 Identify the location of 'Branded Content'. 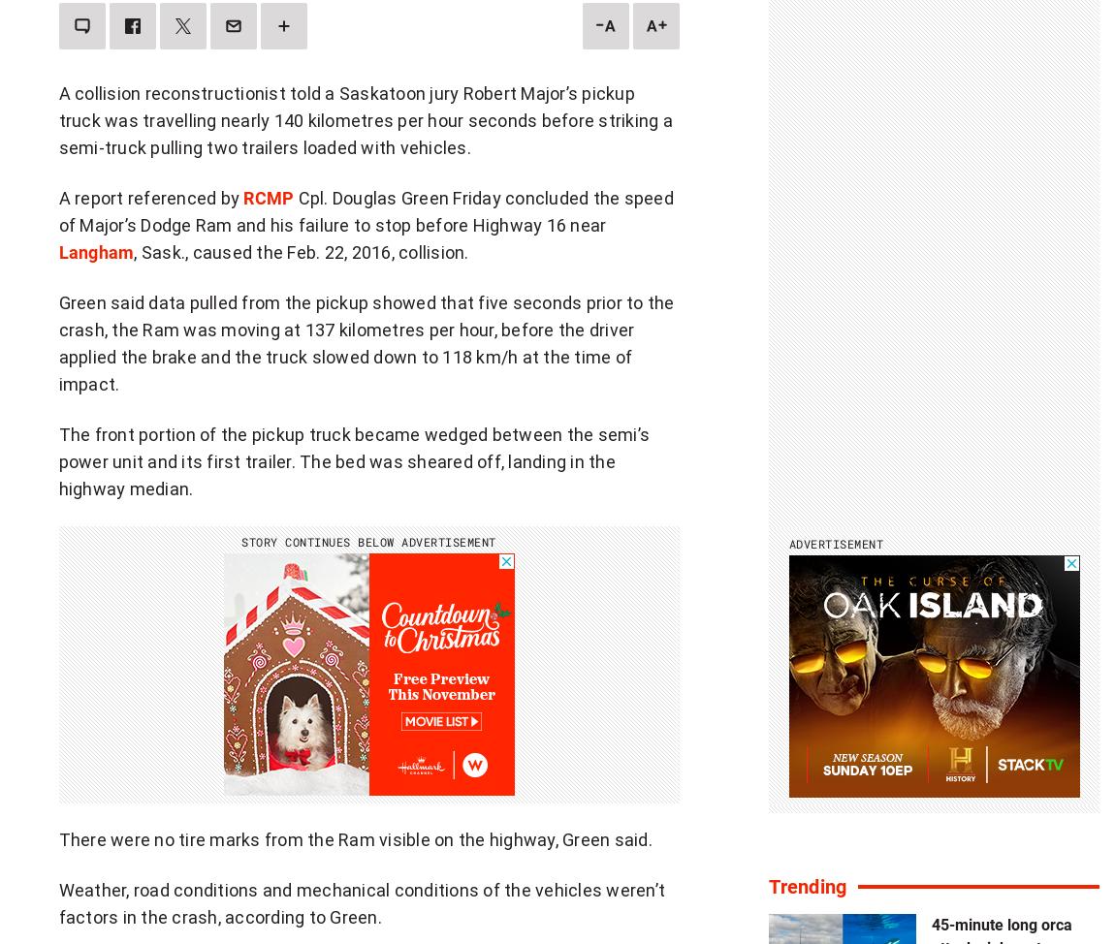
(324, 834).